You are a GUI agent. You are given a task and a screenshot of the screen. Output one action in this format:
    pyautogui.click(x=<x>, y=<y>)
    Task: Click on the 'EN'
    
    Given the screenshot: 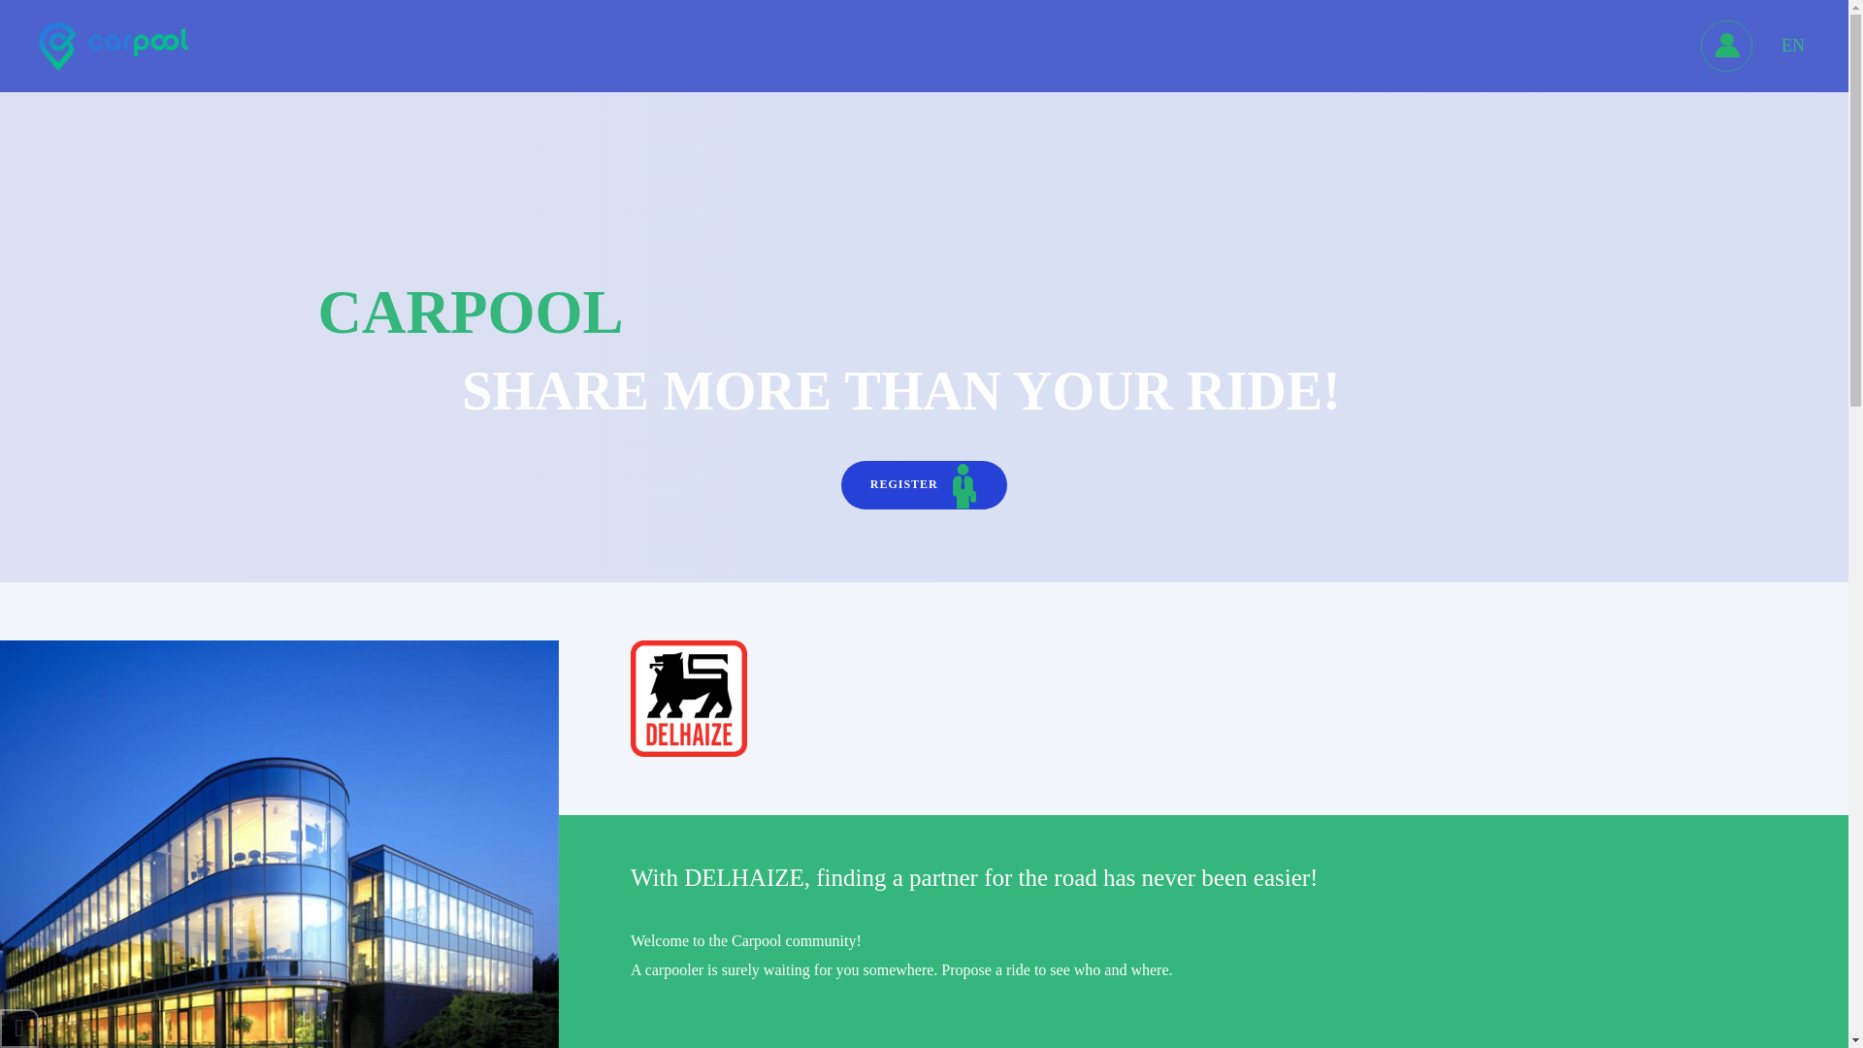 What is the action you would take?
    pyautogui.click(x=1792, y=44)
    